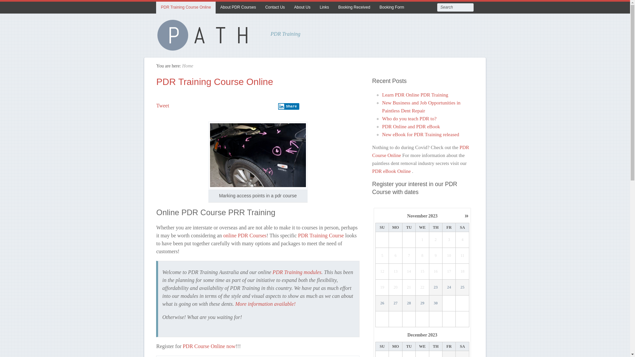 Image resolution: width=635 pixels, height=357 pixels. I want to click on 'PDR Course Online now', so click(209, 345).